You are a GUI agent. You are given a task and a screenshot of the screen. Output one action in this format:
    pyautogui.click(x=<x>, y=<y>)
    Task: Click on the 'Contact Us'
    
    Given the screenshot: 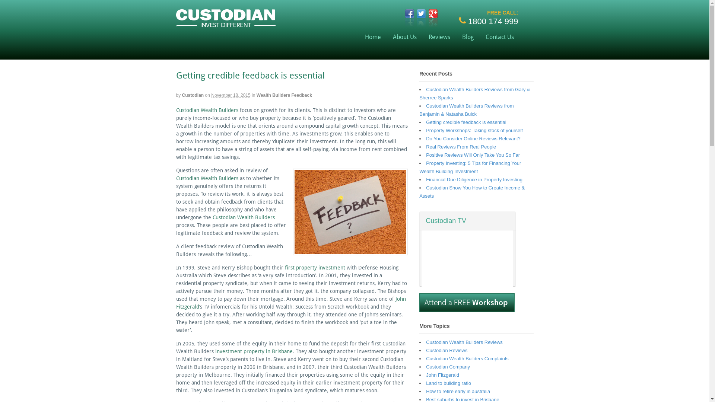 What is the action you would take?
    pyautogui.click(x=500, y=37)
    